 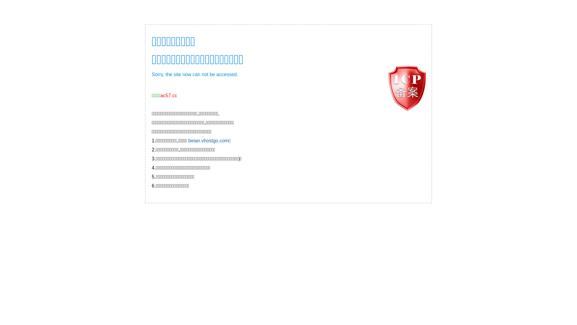 I want to click on 'beian.vhostgo.com', so click(x=209, y=141).